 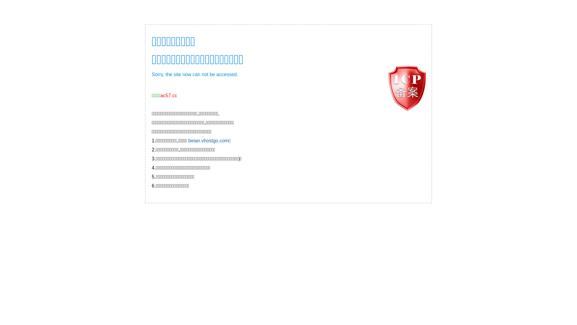 I want to click on 'beian.vhostgo.com', so click(x=209, y=141).